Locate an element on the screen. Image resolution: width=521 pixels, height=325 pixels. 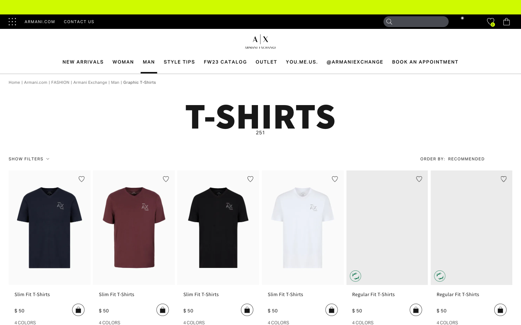
the graphic T-shirts section on the website is located at coordinates (139, 82).